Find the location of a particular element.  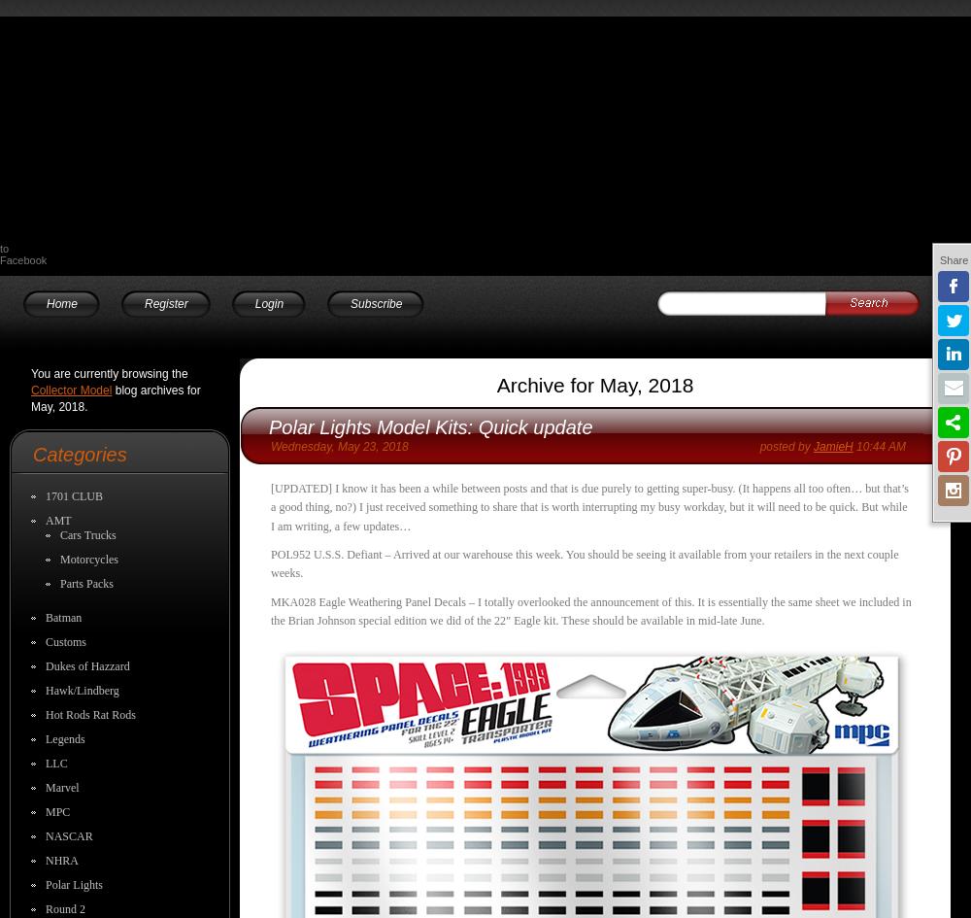

'MKA028 Eagle Weathering Panel Decals – I totally overlooked the announcement of this. It is essentially the same sheet we included in the Brian Johnson special edition we did of the 22″ Eagle kit. These should be available in mid-late June.' is located at coordinates (589, 609).